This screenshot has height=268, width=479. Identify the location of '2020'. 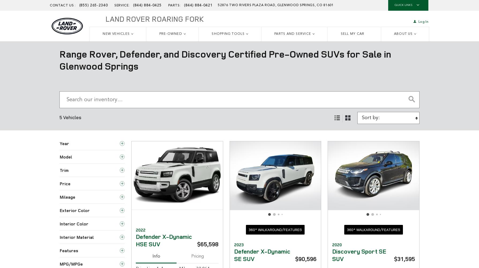
(337, 245).